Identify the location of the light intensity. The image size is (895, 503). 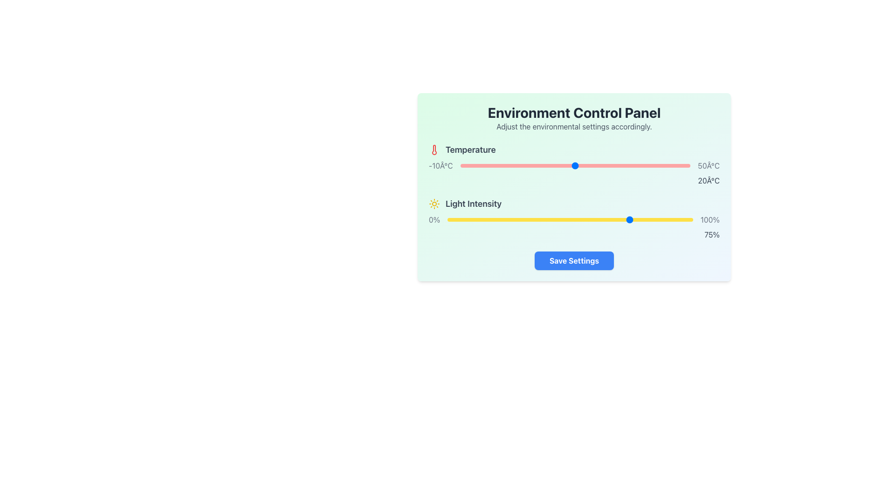
(624, 219).